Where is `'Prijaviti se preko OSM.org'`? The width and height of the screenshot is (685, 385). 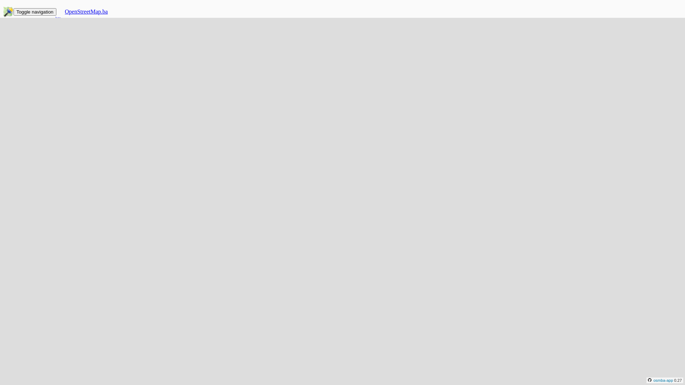
'Prijaviti se preko OSM.org' is located at coordinates (66, 84).